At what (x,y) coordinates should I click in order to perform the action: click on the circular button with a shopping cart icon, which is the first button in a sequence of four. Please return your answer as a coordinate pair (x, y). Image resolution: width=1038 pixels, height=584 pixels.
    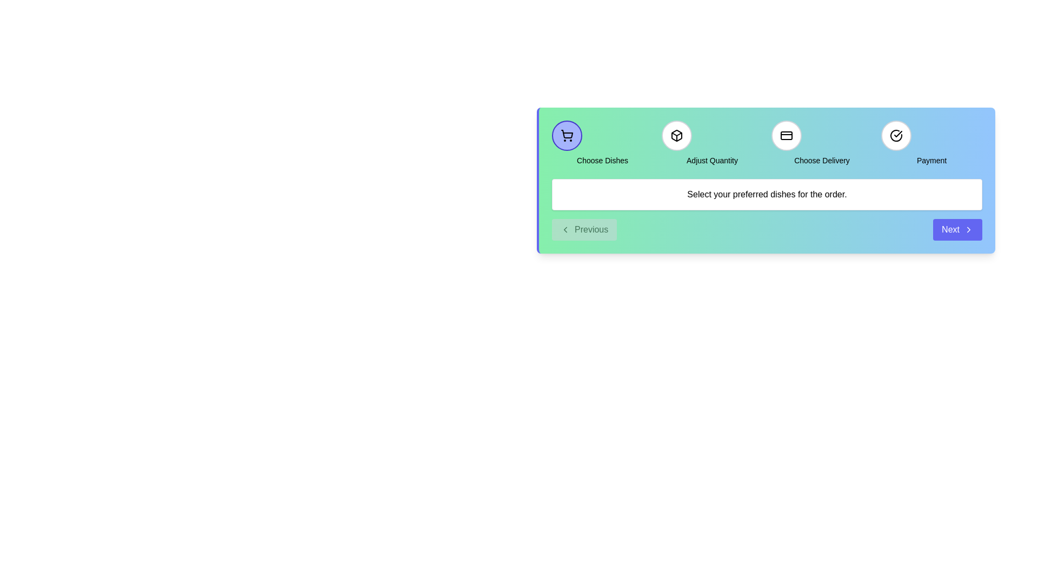
    Looking at the image, I should click on (567, 135).